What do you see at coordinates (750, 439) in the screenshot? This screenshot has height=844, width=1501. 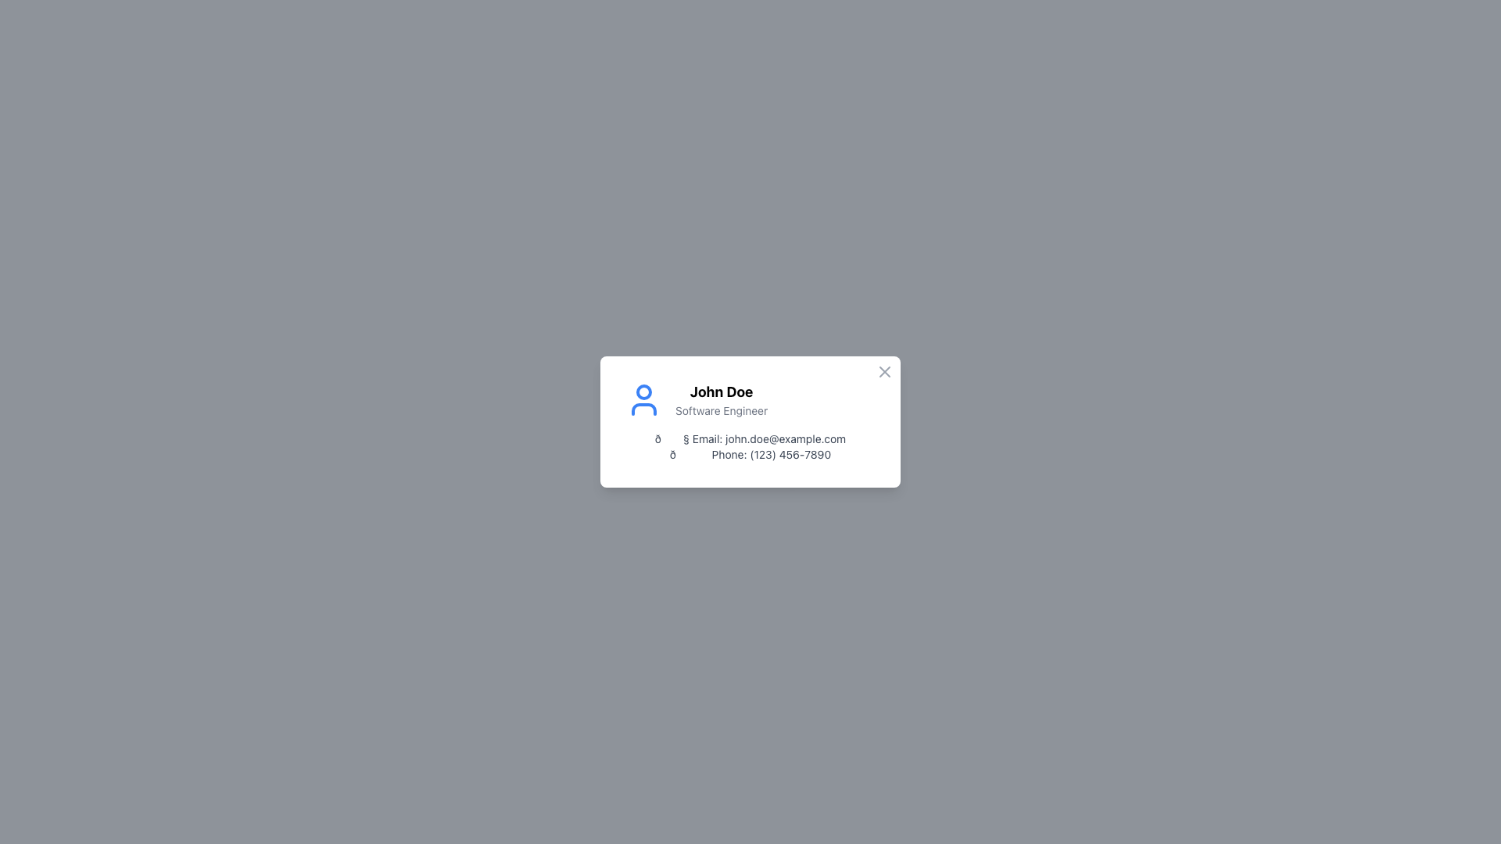 I see `the Text Label indicating the user's email address, which is the first item in the list of contact information on the card-like component` at bounding box center [750, 439].